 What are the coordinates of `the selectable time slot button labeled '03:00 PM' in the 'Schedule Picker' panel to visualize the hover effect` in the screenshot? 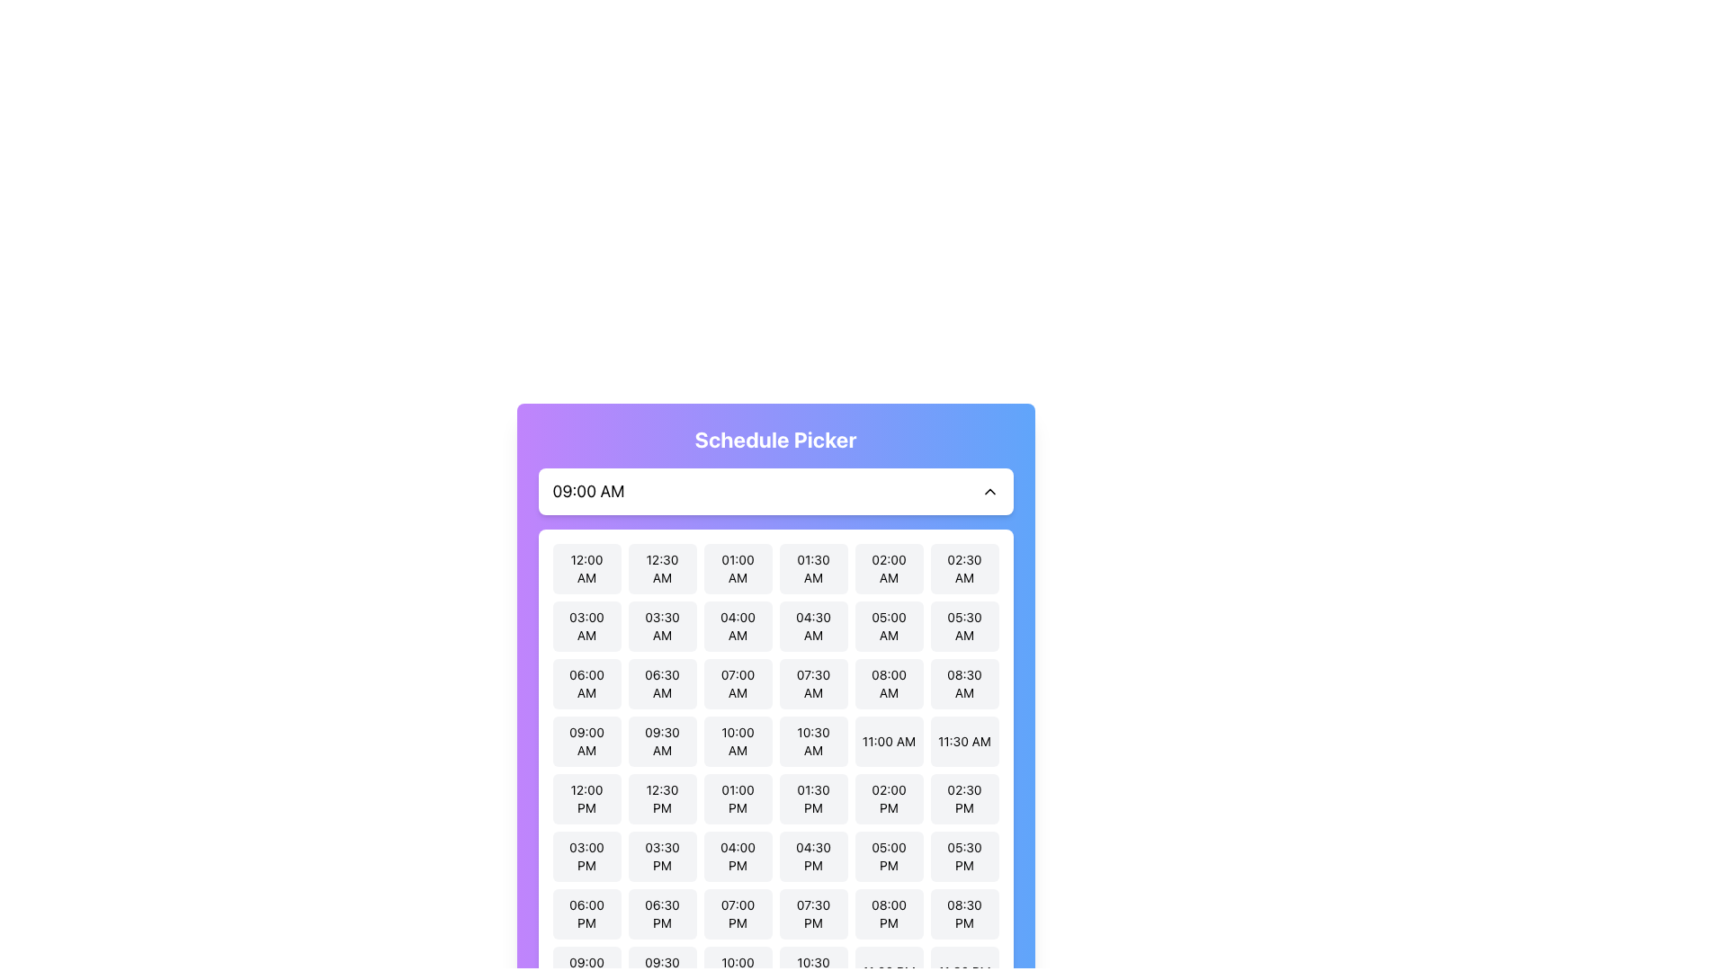 It's located at (586, 855).